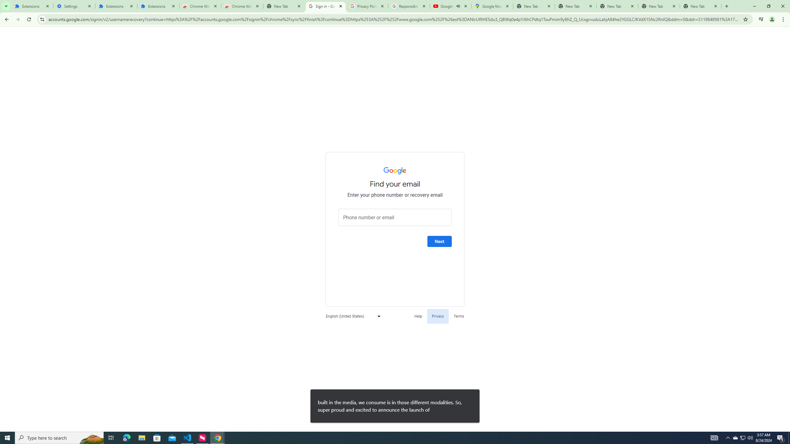  Describe the element at coordinates (761, 19) in the screenshot. I see `'Control your music, videos, and more'` at that location.